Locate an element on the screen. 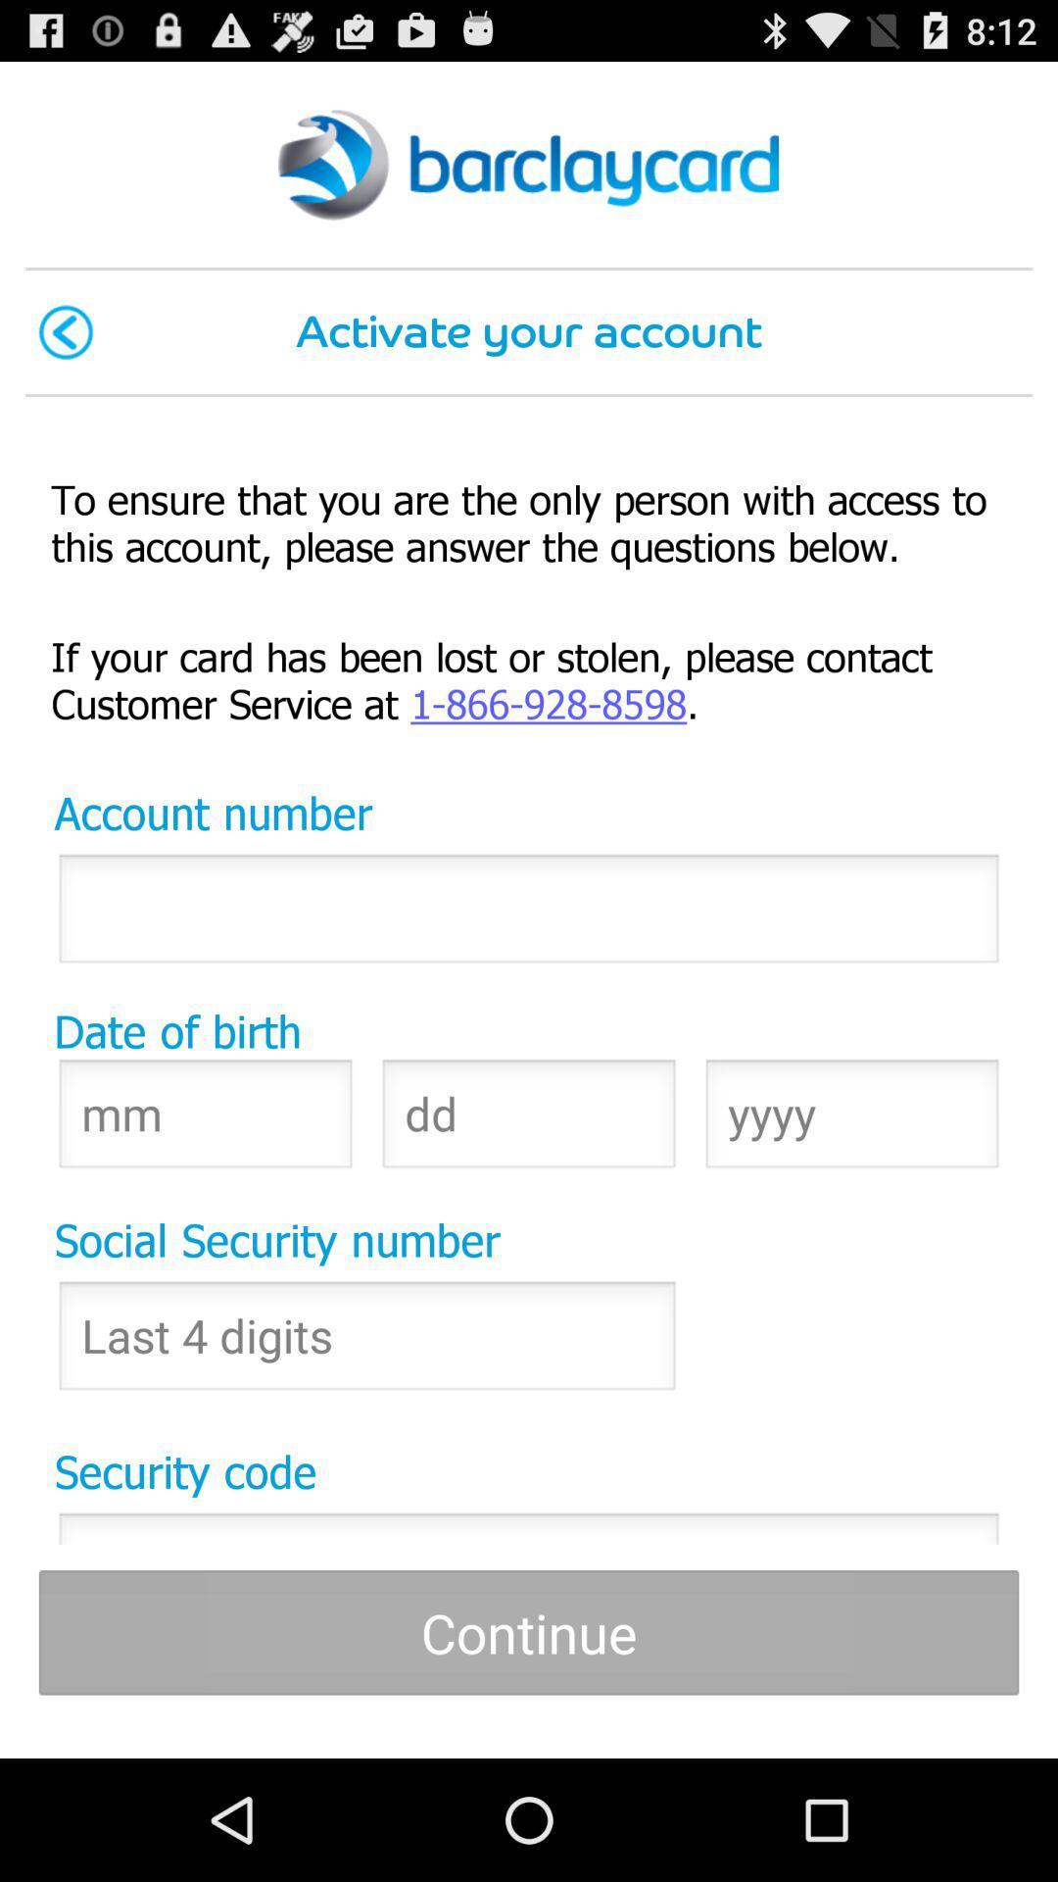 This screenshot has height=1882, width=1058. item below the to ensure that item is located at coordinates (529, 678).